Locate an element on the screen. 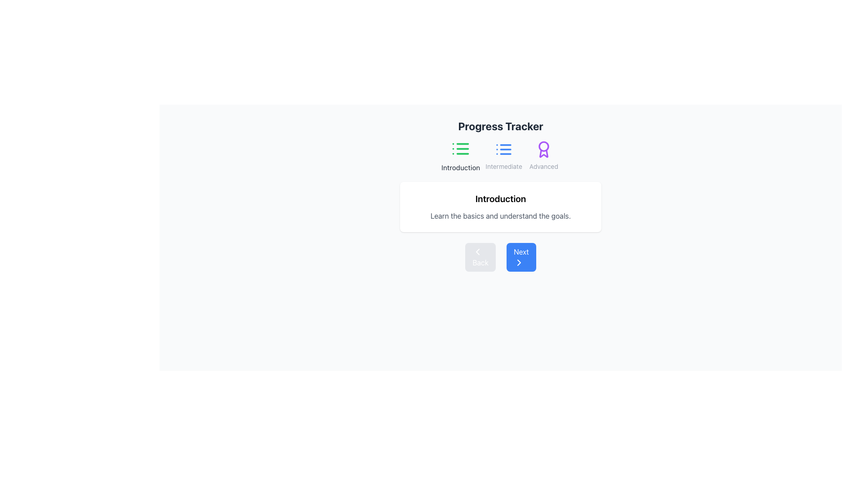 This screenshot has height=485, width=863. the circular decorative element of the award icon, which is the topmost part of the icon located above 'Progress Tracker' is located at coordinates (543, 146).